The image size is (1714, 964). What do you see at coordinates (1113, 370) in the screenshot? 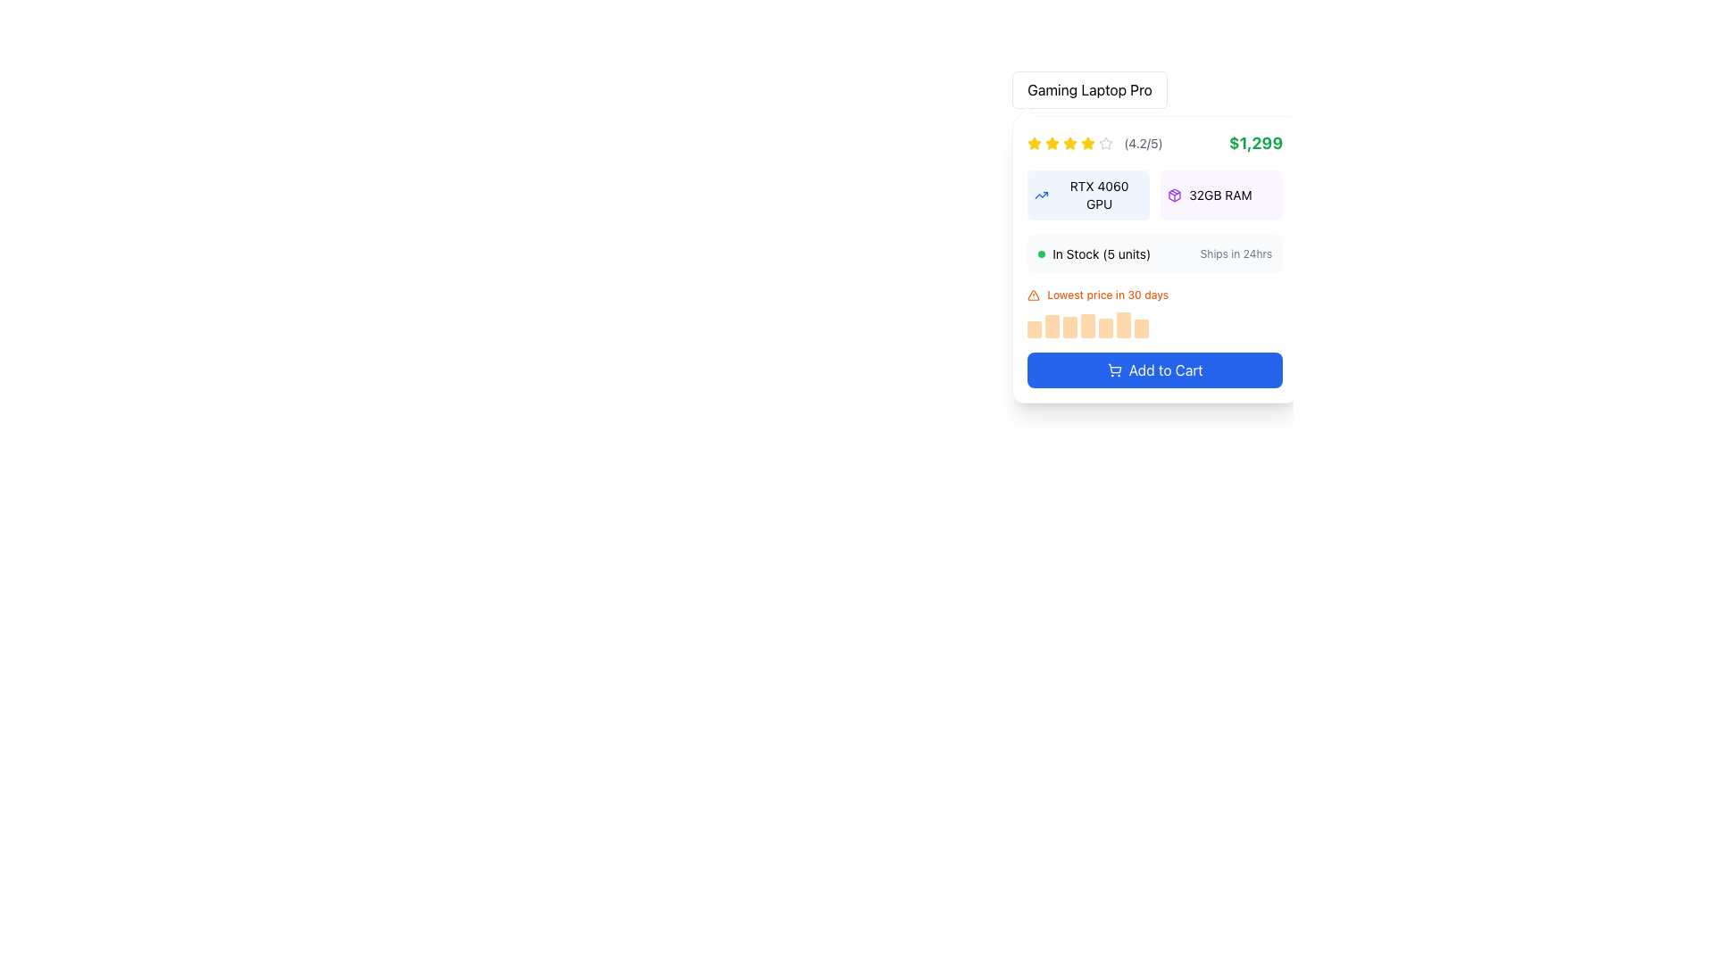
I see `the shopping cart icon located within the blue 'Add to Cart' button at the bottom of the right panel` at bounding box center [1113, 370].